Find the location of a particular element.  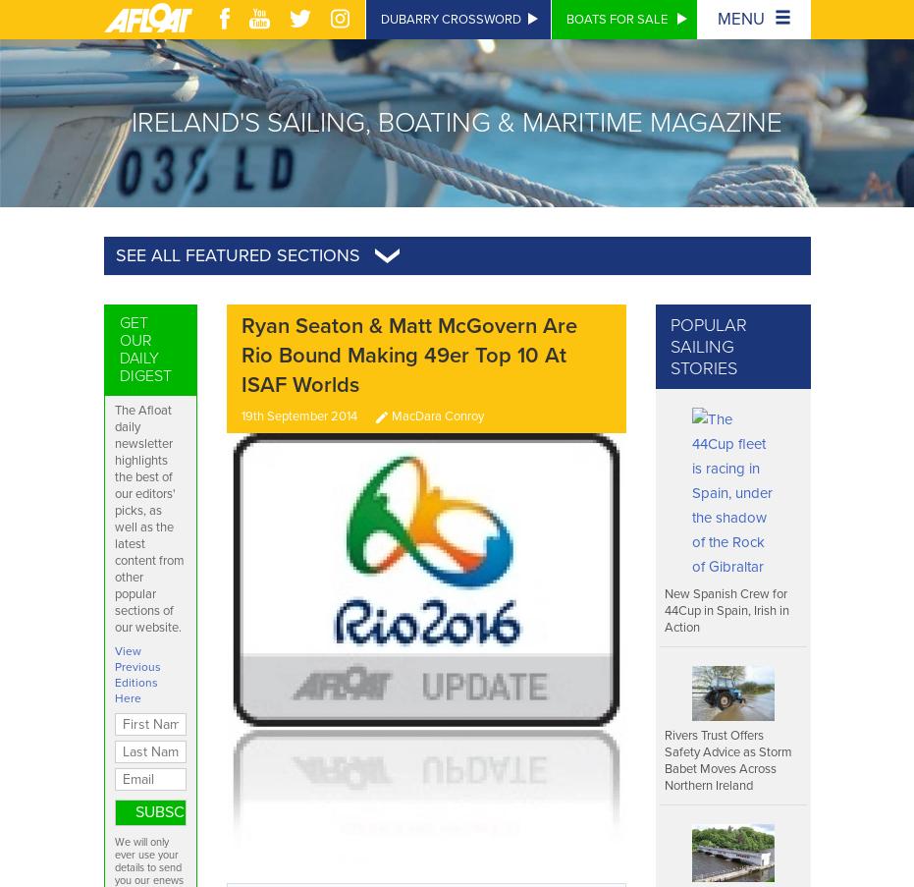

'The Afloat daily newsletter highlights the best of our editors' picks, as well as the latest content from other popular sections of our website.' is located at coordinates (147, 517).